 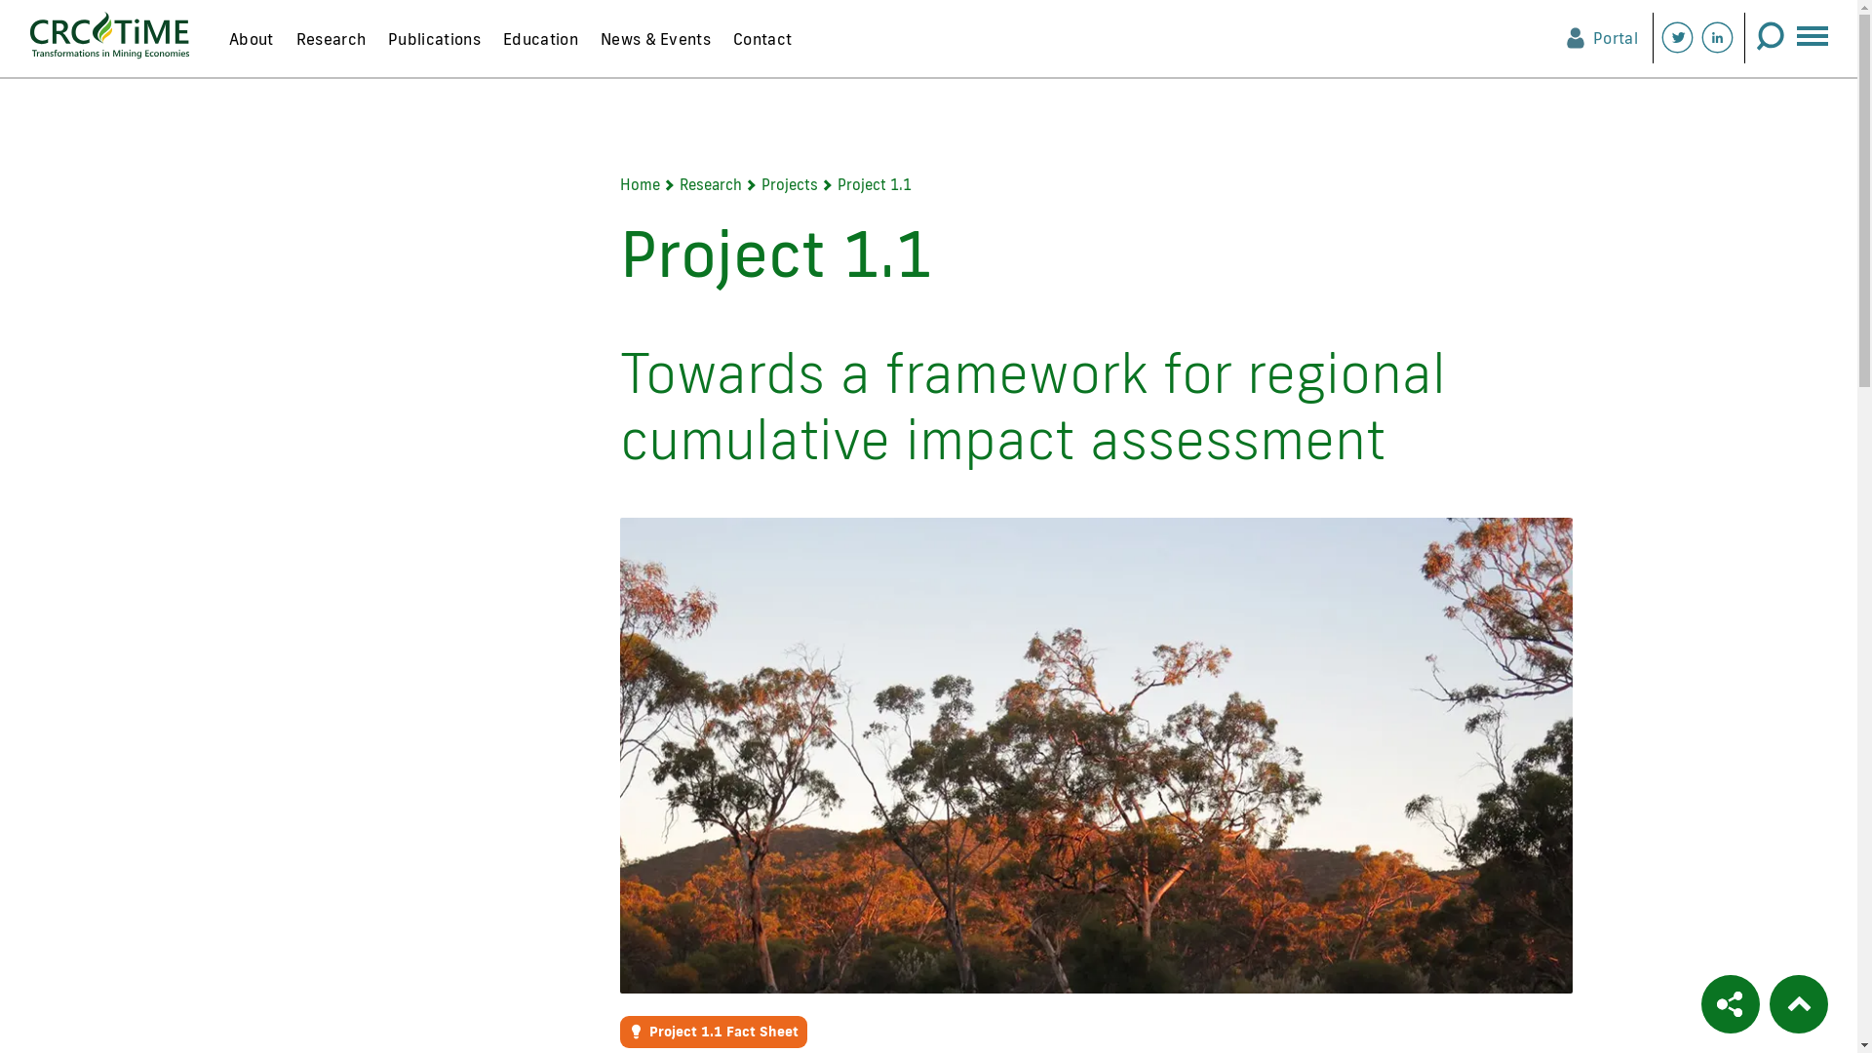 I want to click on 'Portal', so click(x=1566, y=37).